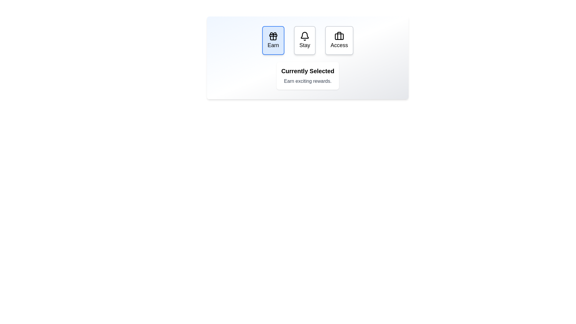 The width and height of the screenshot is (576, 324). I want to click on the card-styled button labeled 'Access' located at the center of the interface, which features a briefcase icon above the text, so click(339, 40).